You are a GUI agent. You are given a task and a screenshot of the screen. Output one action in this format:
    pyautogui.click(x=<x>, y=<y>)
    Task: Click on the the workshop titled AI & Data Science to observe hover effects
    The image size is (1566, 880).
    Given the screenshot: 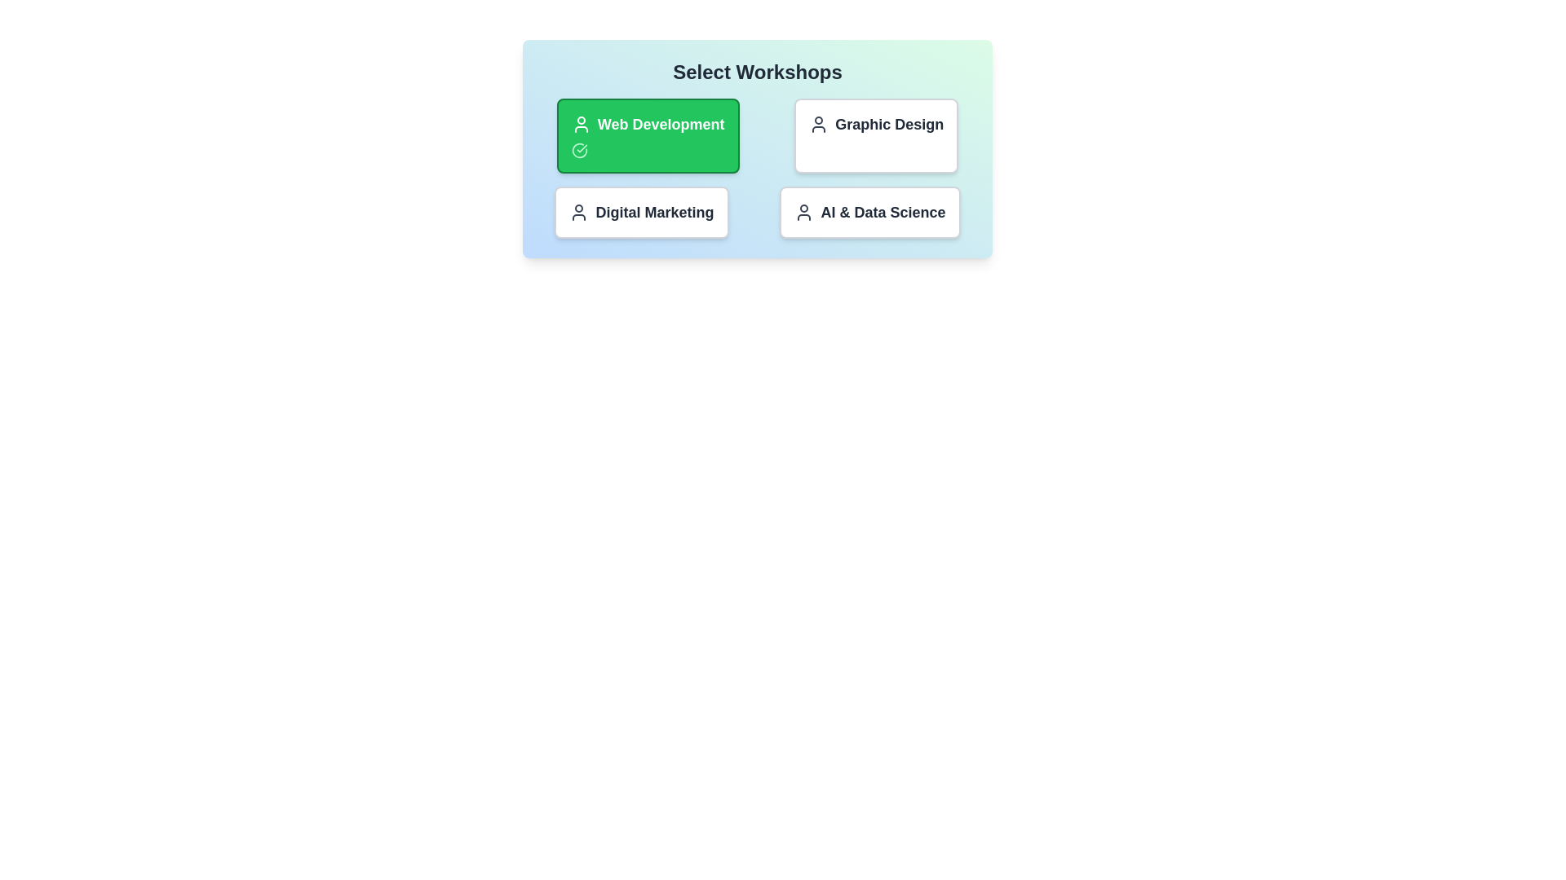 What is the action you would take?
    pyautogui.click(x=869, y=212)
    